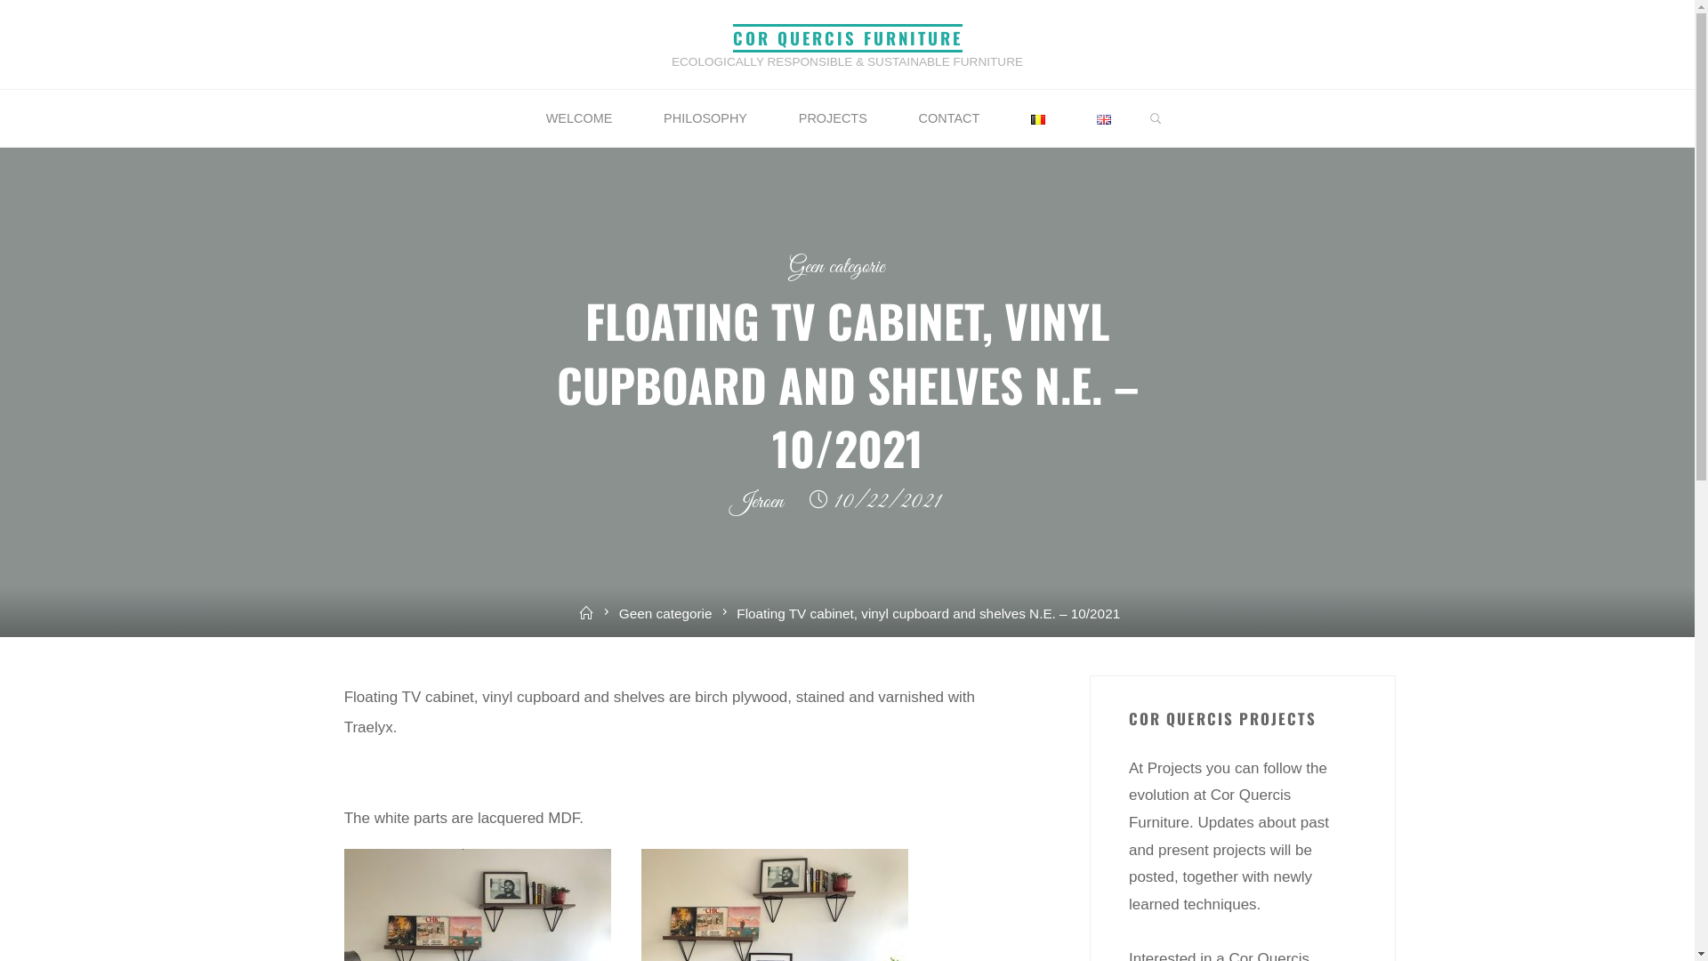 The width and height of the screenshot is (1708, 961). What do you see at coordinates (585, 612) in the screenshot?
I see `'Home'` at bounding box center [585, 612].